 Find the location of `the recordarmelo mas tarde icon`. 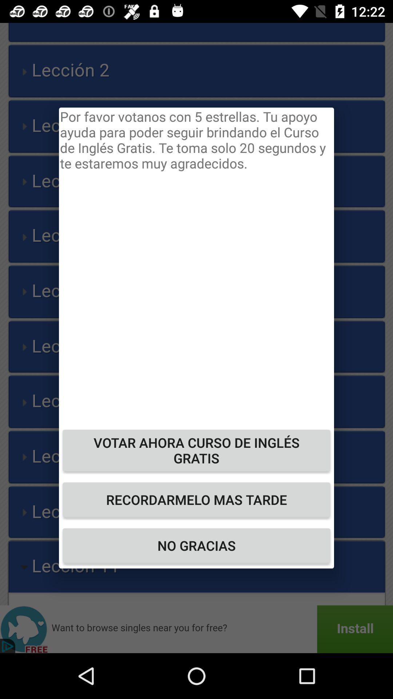

the recordarmelo mas tarde icon is located at coordinates (196, 499).